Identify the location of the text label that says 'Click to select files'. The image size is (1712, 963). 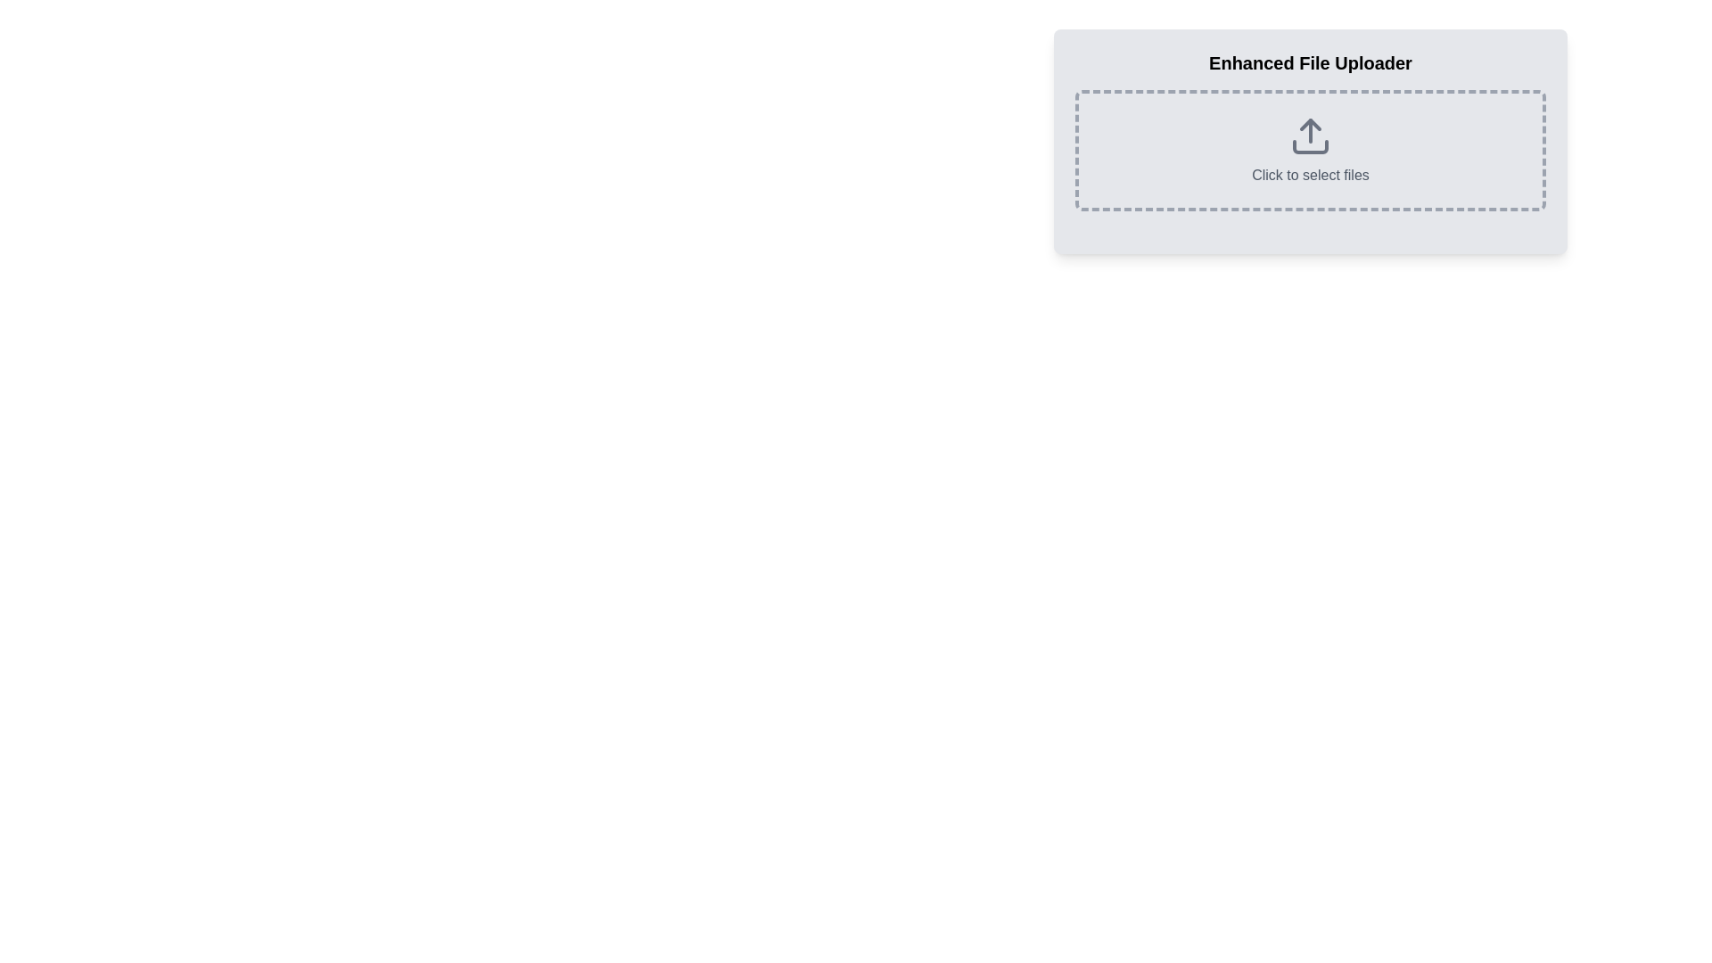
(1310, 175).